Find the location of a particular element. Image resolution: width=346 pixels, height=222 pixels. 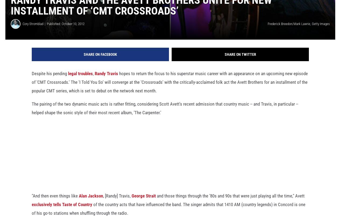

', [Randy] Travis,' is located at coordinates (117, 200).